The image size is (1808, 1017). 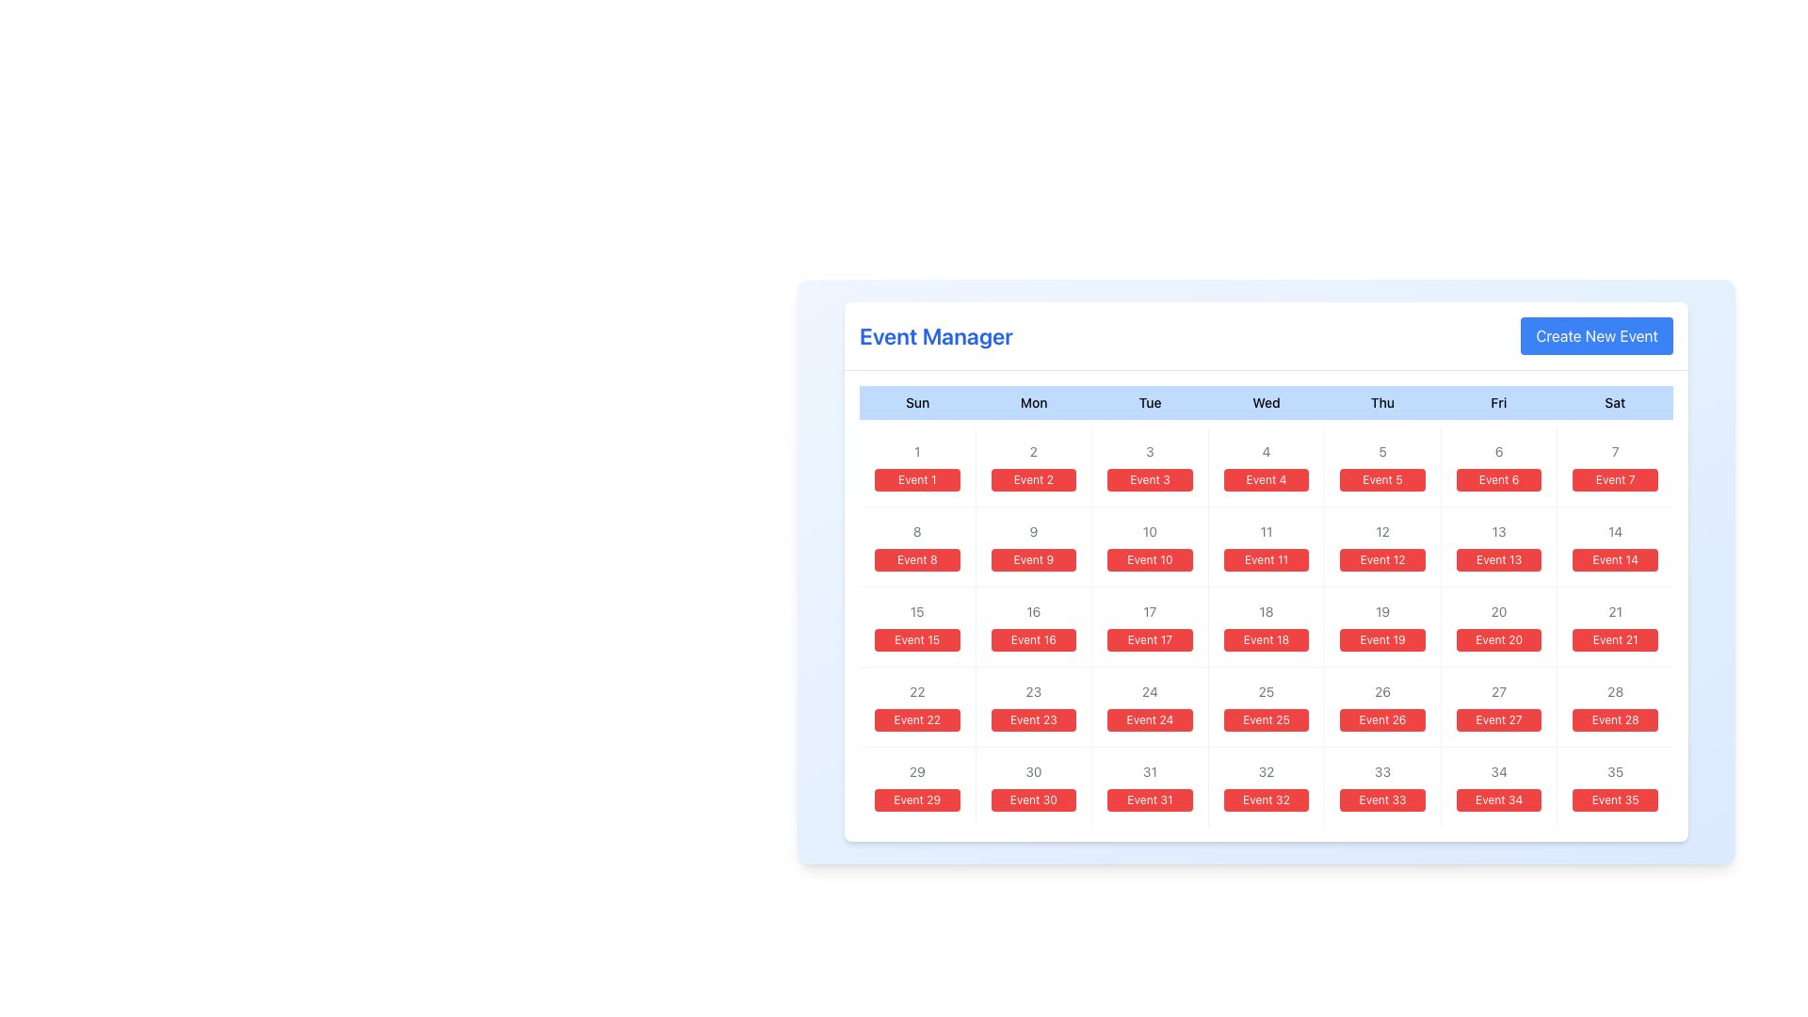 What do you see at coordinates (1149, 558) in the screenshot?
I see `the button representing 'Event 10' located in the calendar grid under the 'Tue' column` at bounding box center [1149, 558].